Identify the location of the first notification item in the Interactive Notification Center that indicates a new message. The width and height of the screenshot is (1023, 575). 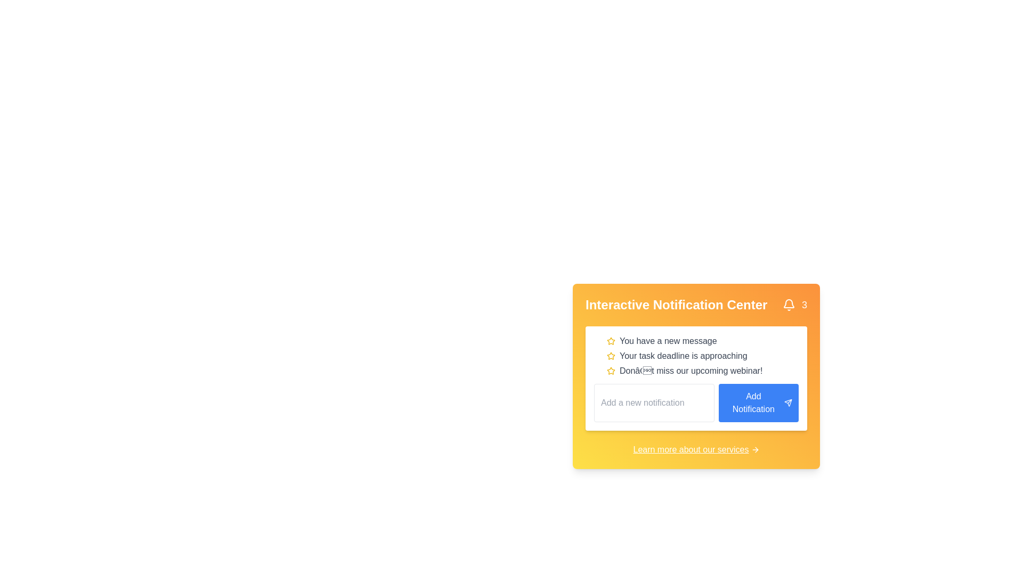
(703, 341).